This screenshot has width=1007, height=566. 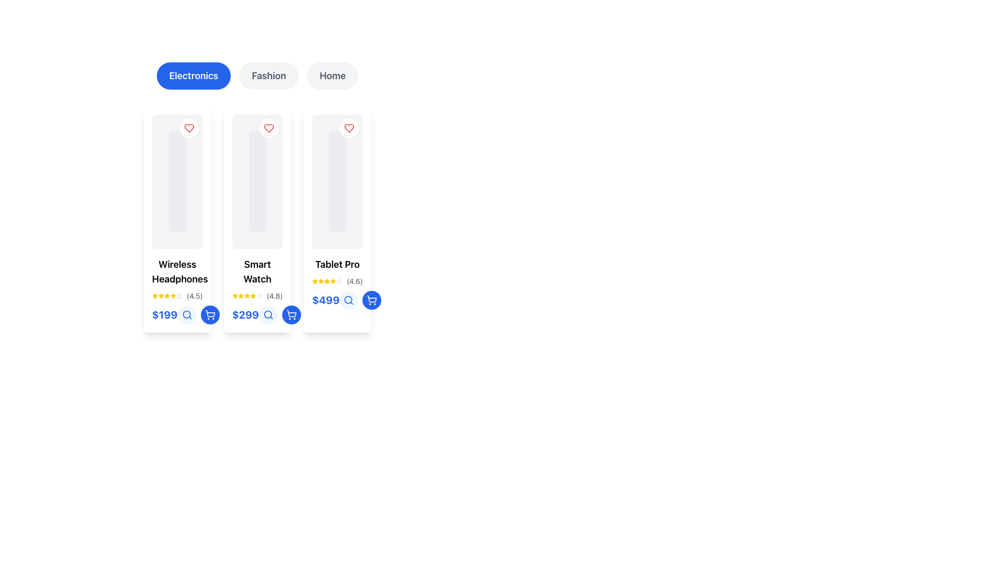 I want to click on the star icon representing the rating in the third product card (Tablet Pro), so click(x=315, y=280).